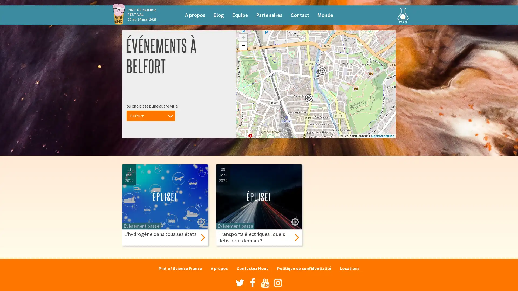 This screenshot has width=518, height=291. I want to click on Zoom out, so click(243, 45).